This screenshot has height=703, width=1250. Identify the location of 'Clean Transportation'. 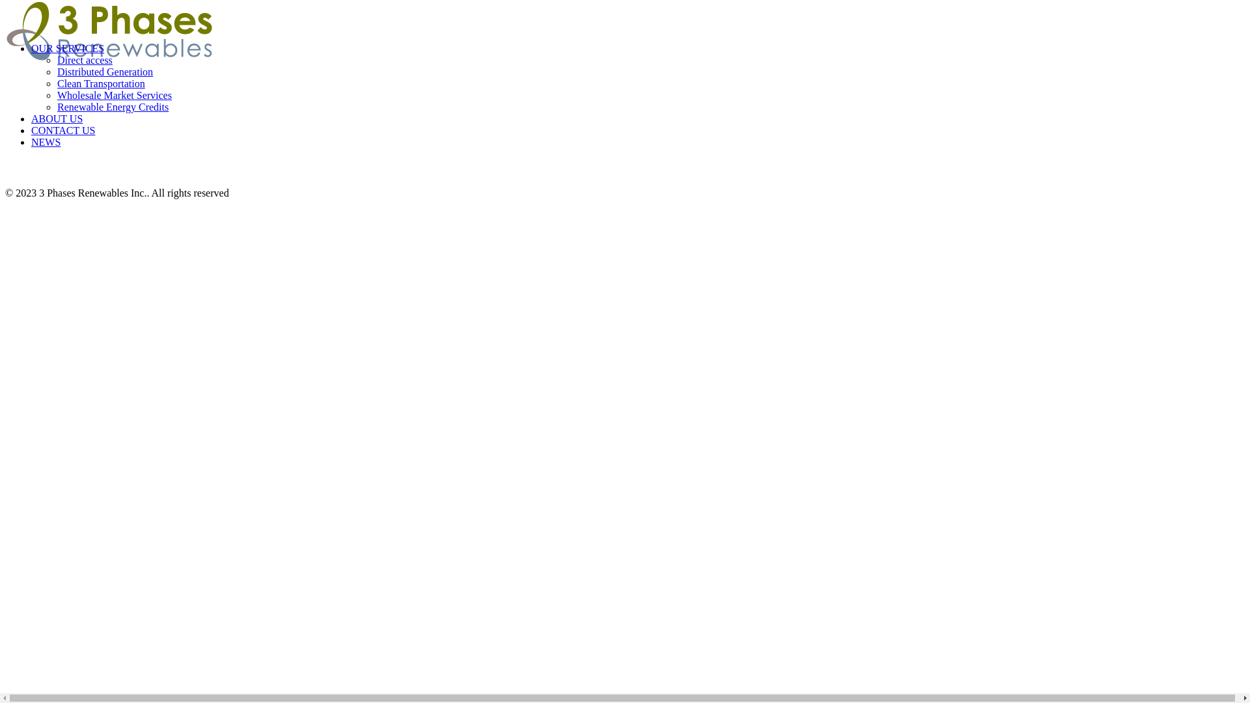
(56, 83).